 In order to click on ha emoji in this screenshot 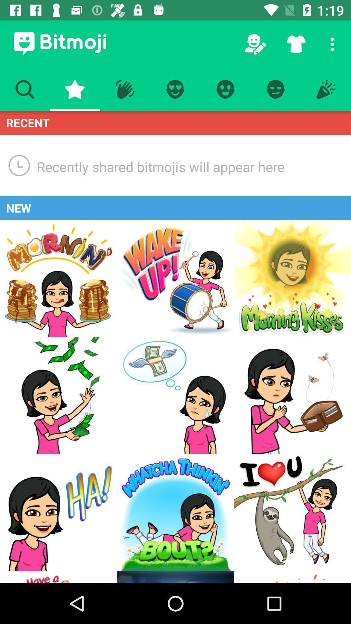, I will do `click(58, 512)`.